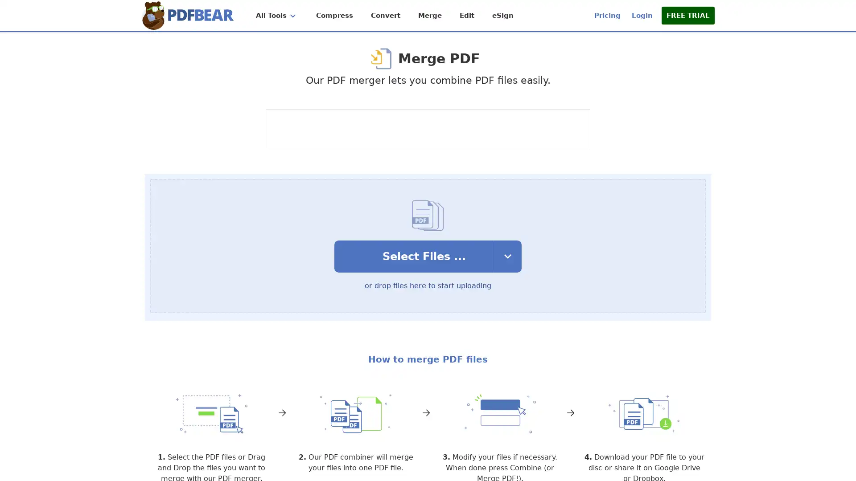  Describe the element at coordinates (187, 15) in the screenshot. I see `Home Page` at that location.